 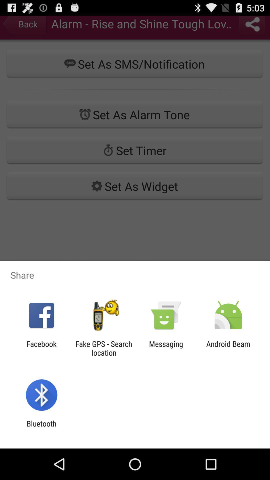 I want to click on the item next to messaging, so click(x=228, y=348).